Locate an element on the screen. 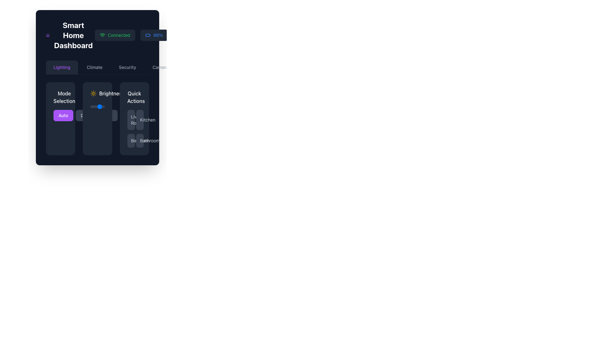 This screenshot has width=604, height=340. the 'Security' navigation button, which is the third button from the left in a horizontal navigation bar is located at coordinates (127, 67).